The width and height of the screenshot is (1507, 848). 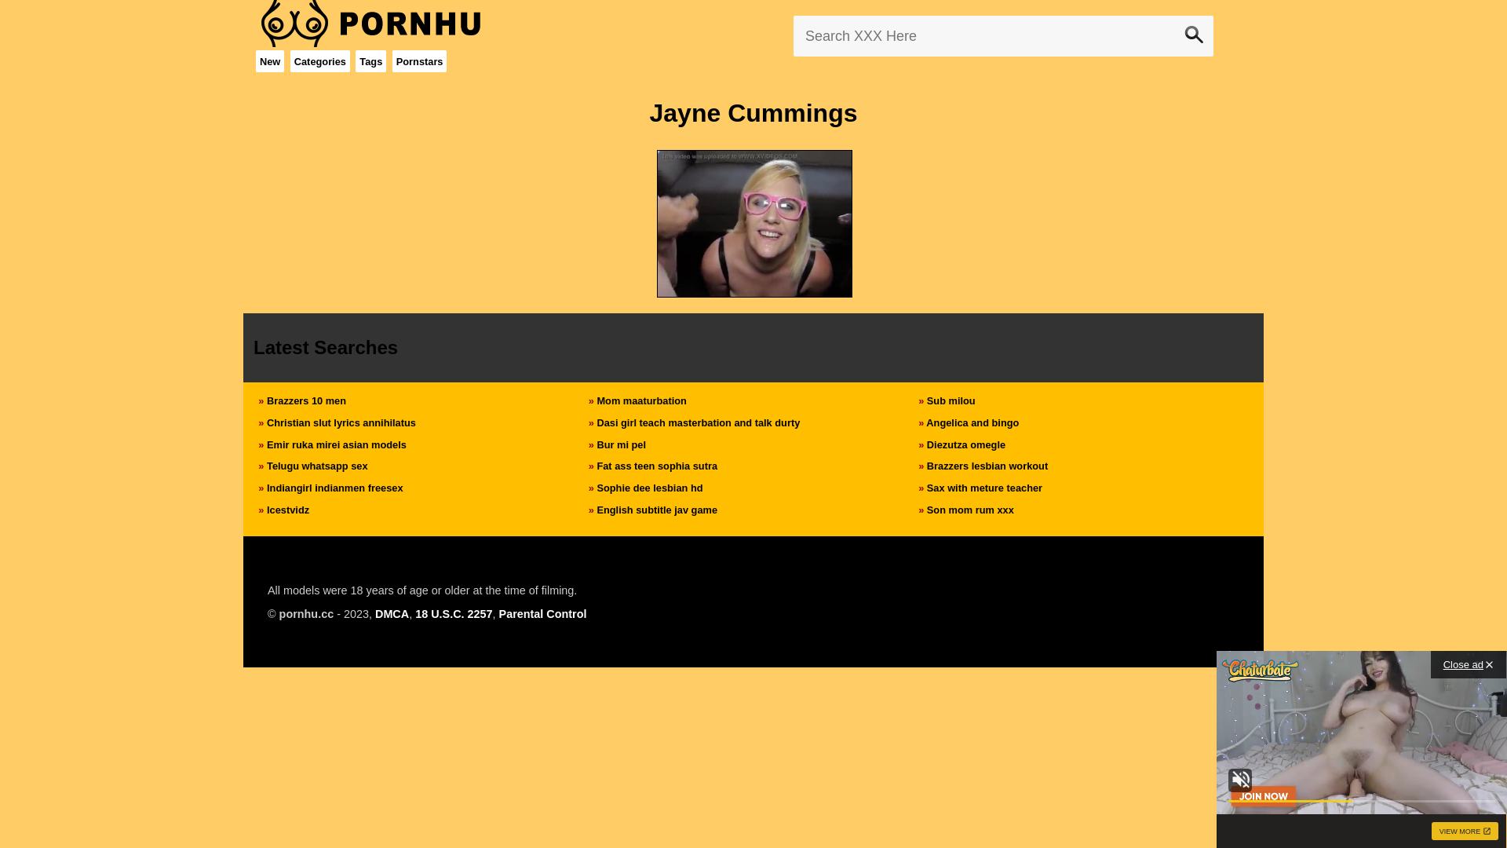 What do you see at coordinates (396, 60) in the screenshot?
I see `'Pornstars'` at bounding box center [396, 60].